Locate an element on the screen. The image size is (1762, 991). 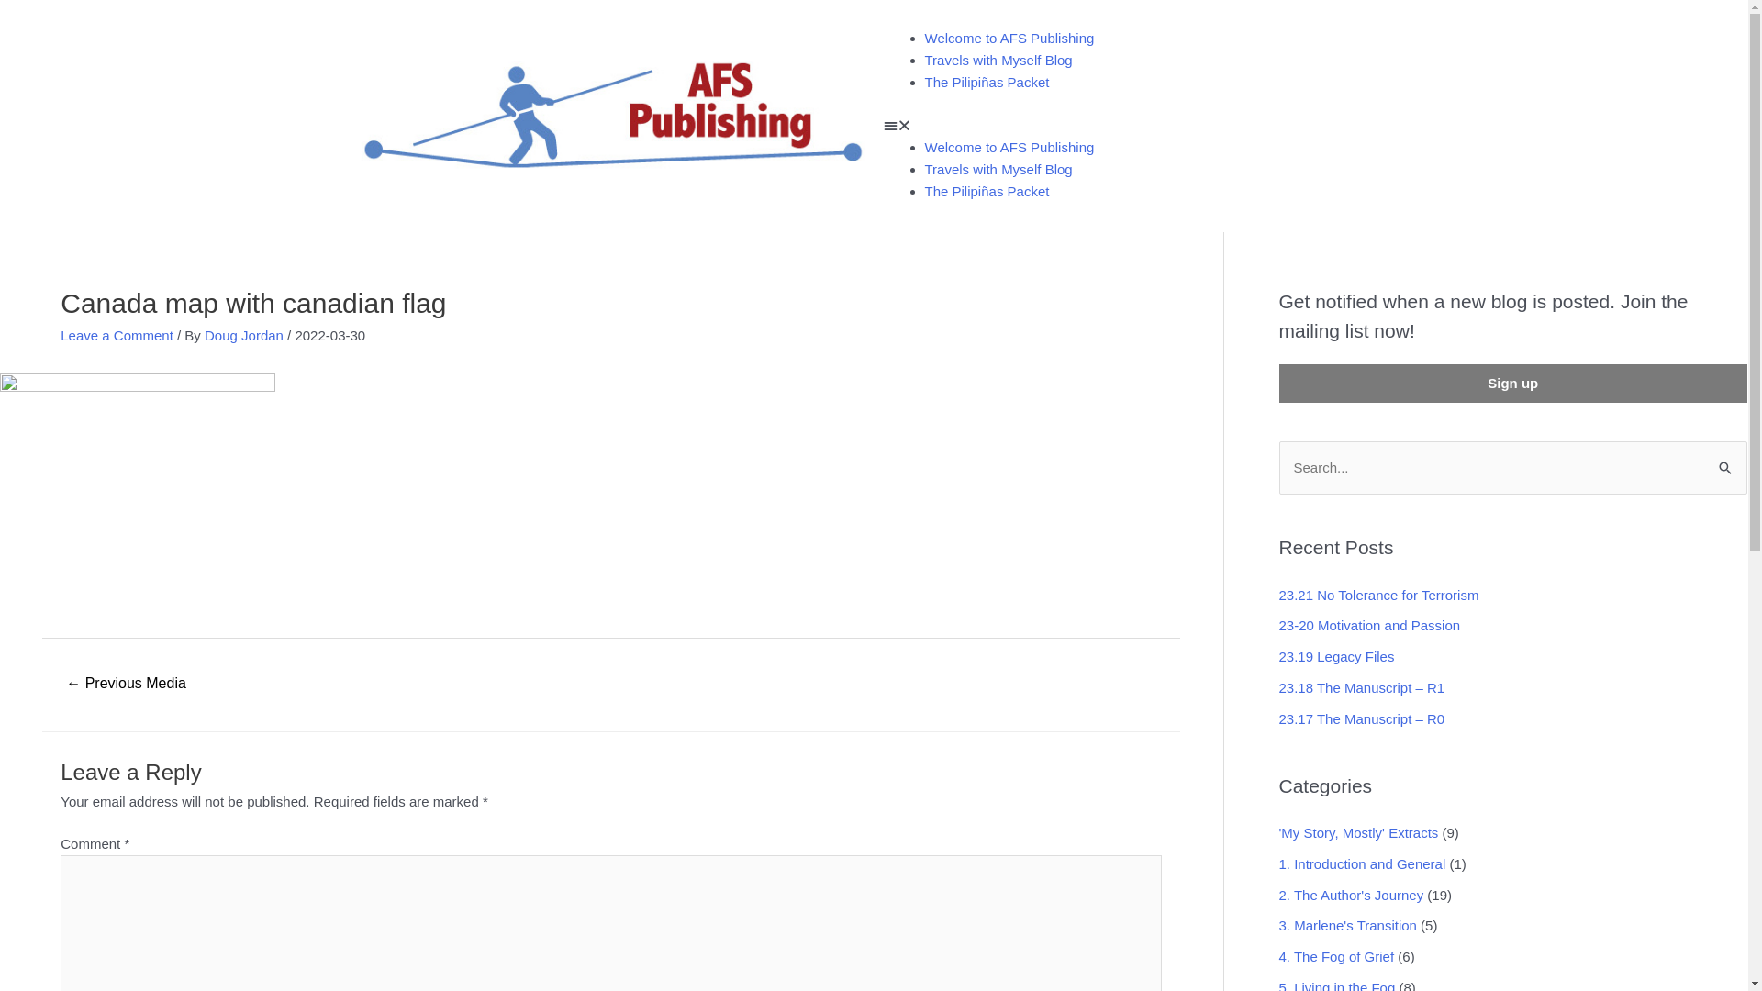
'3. Marlene's Transition' is located at coordinates (1347, 925).